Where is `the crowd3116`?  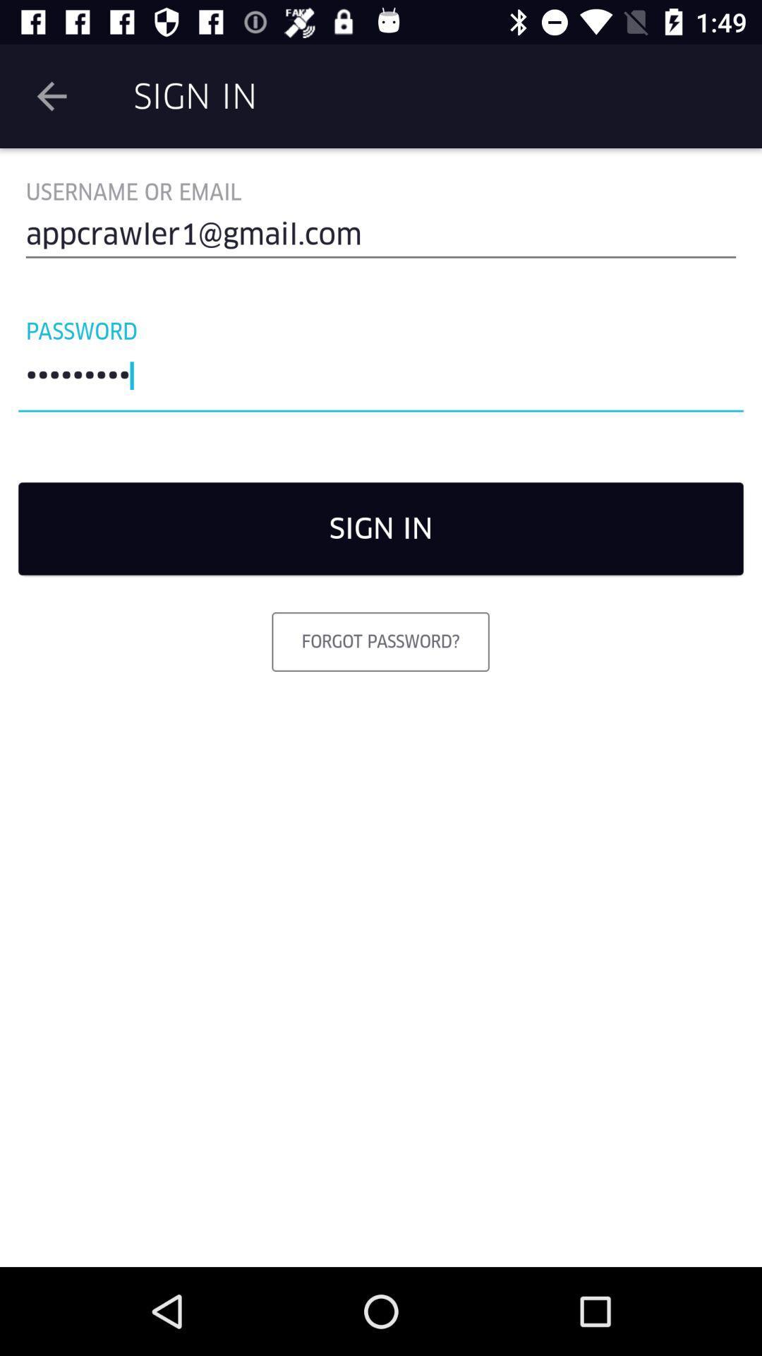 the crowd3116 is located at coordinates (381, 379).